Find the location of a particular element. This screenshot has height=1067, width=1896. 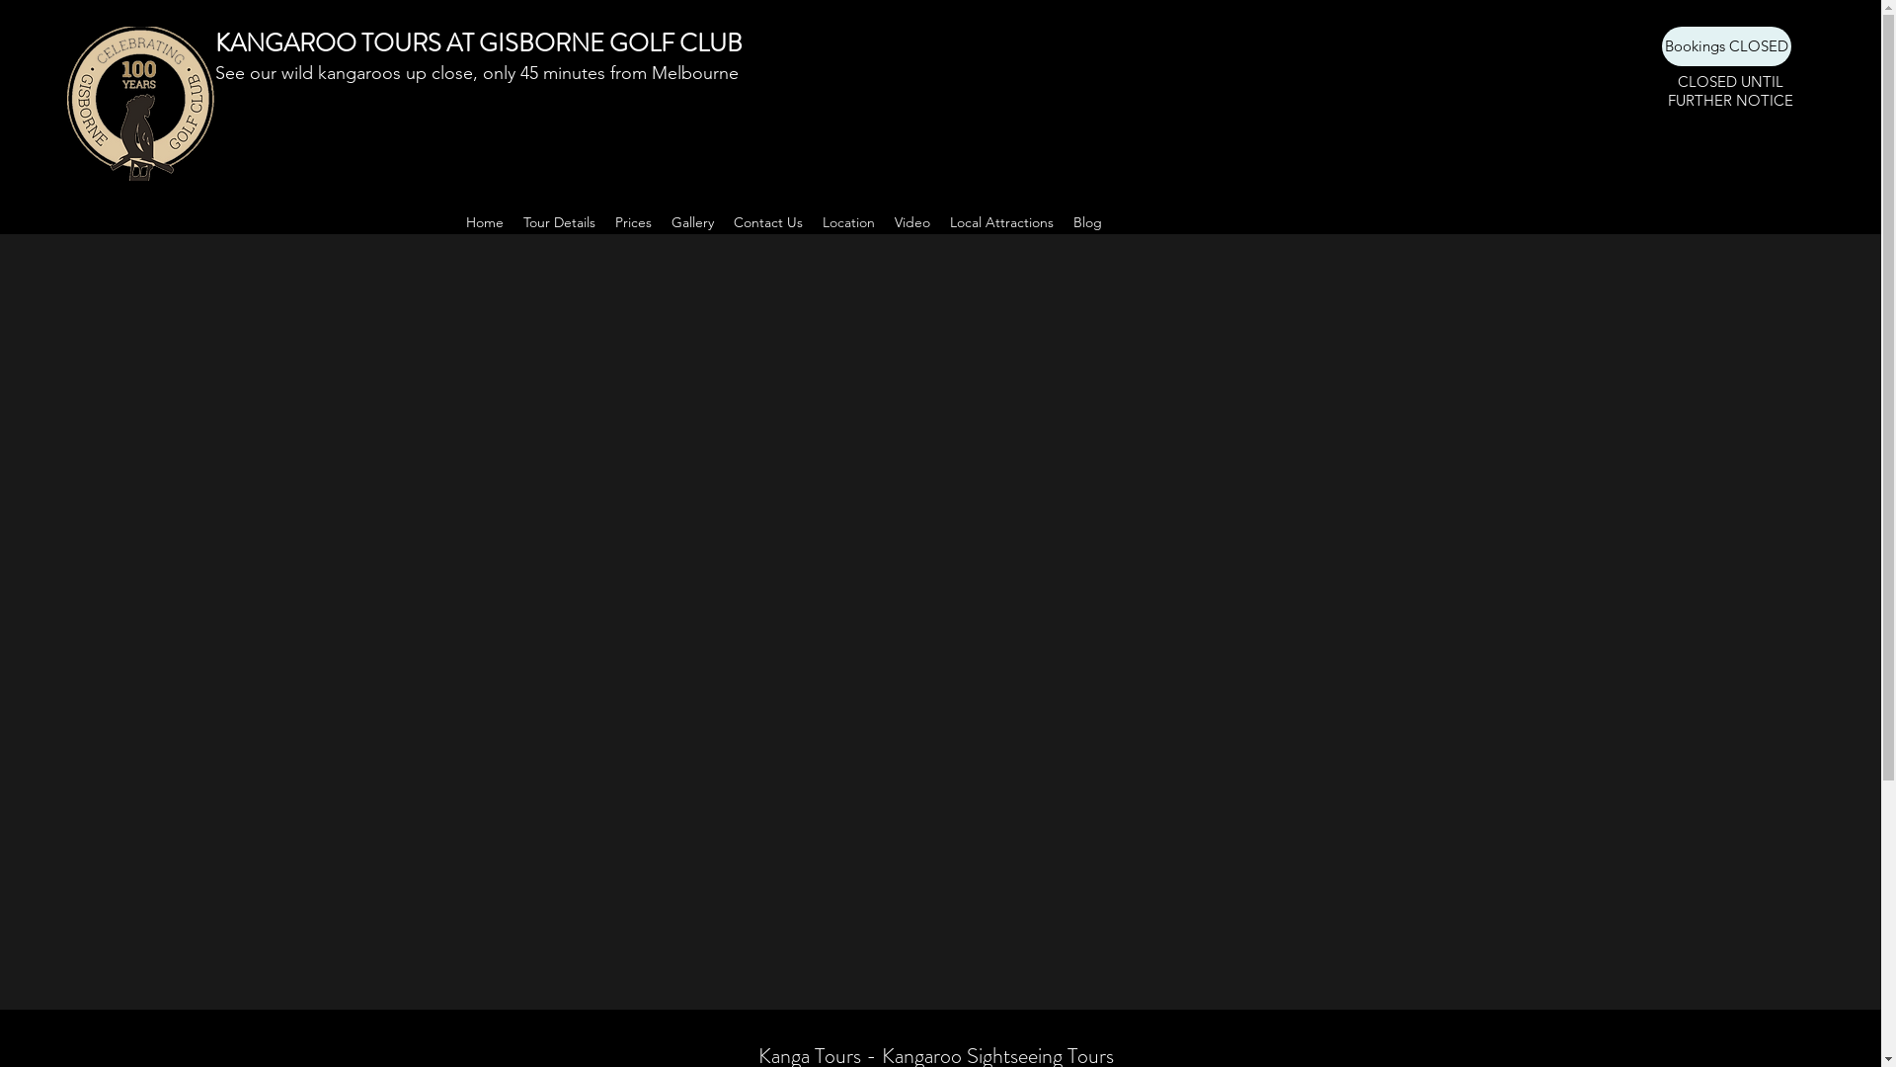

'Tour Details' is located at coordinates (558, 221).